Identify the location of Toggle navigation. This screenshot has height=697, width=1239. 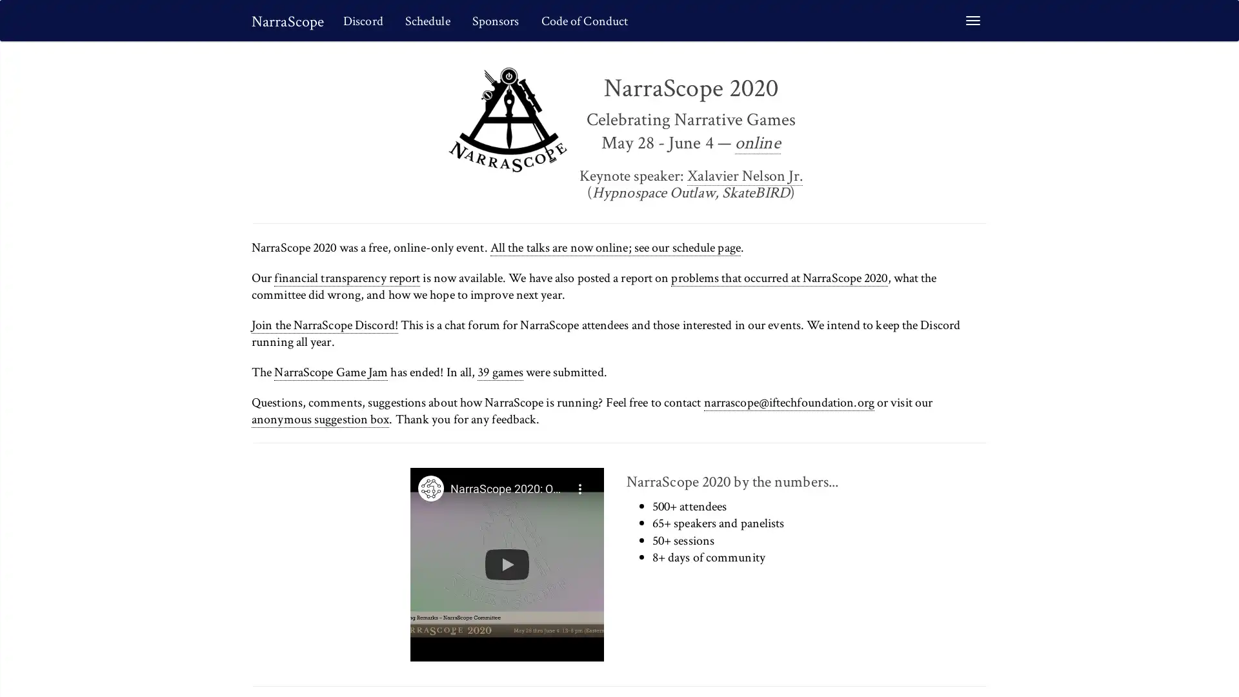
(972, 20).